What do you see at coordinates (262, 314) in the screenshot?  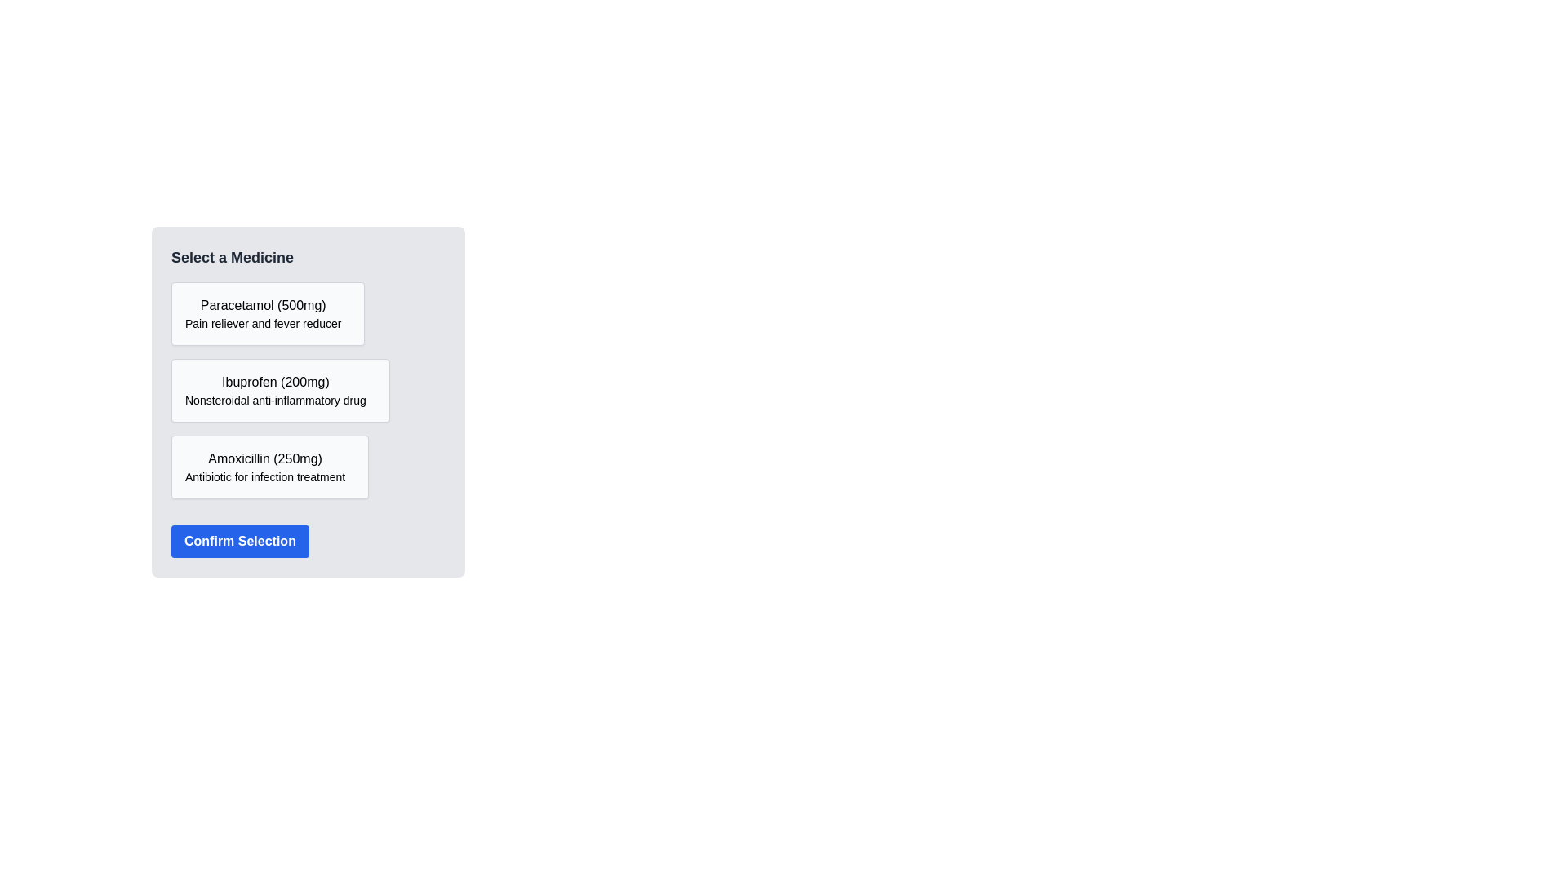 I see `the first selectable option 'Paracetamol (500mg)' in the vertically stacked list within the dialog box` at bounding box center [262, 314].